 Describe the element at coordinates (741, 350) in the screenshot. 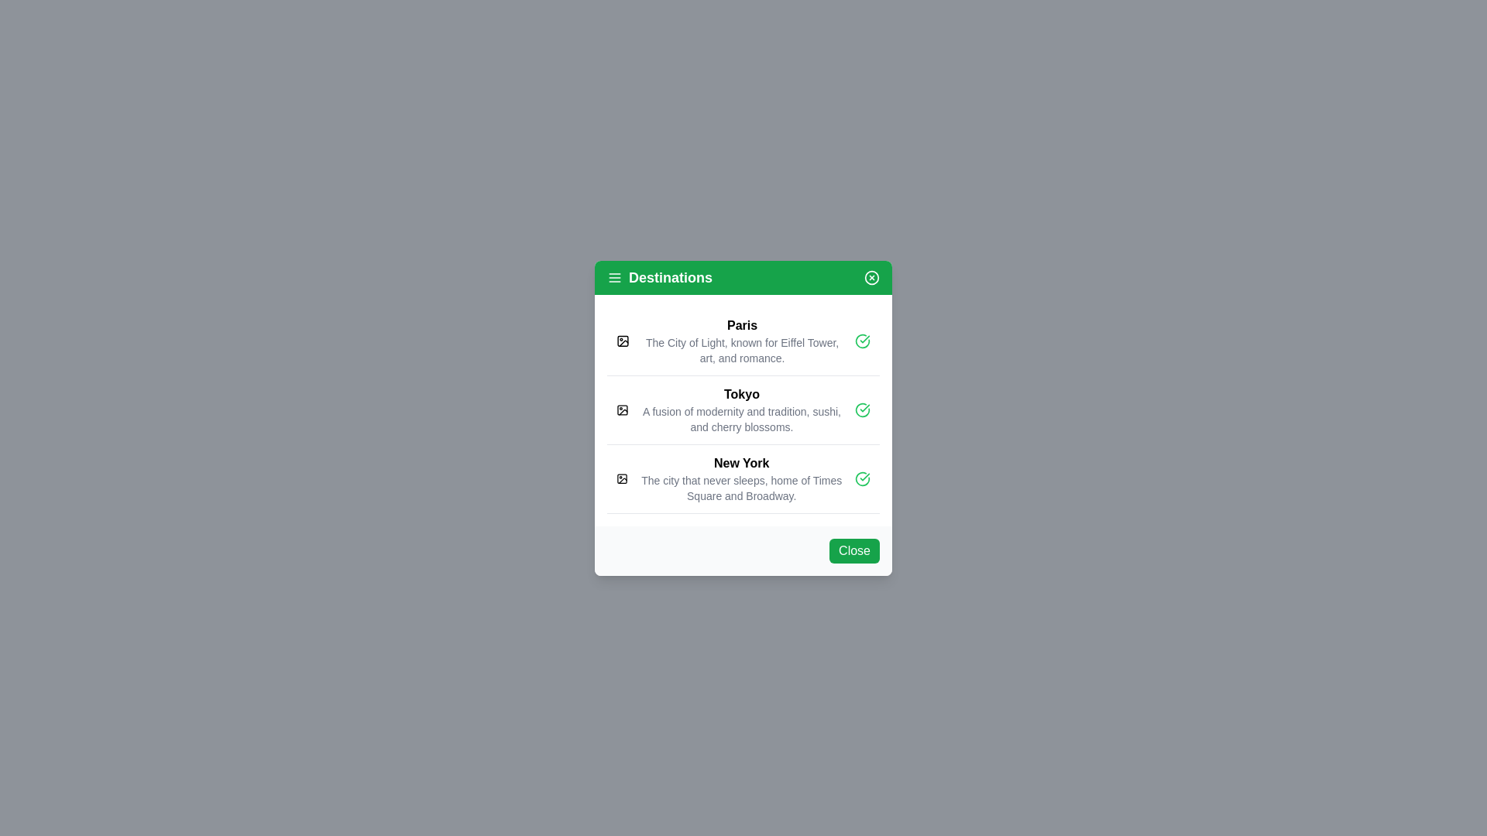

I see `the static text that reads 'The City of Light, known for Eiffel Tower, art, and romance.' which is located below the bold title 'Paris' in the vertical list of destinations` at that location.